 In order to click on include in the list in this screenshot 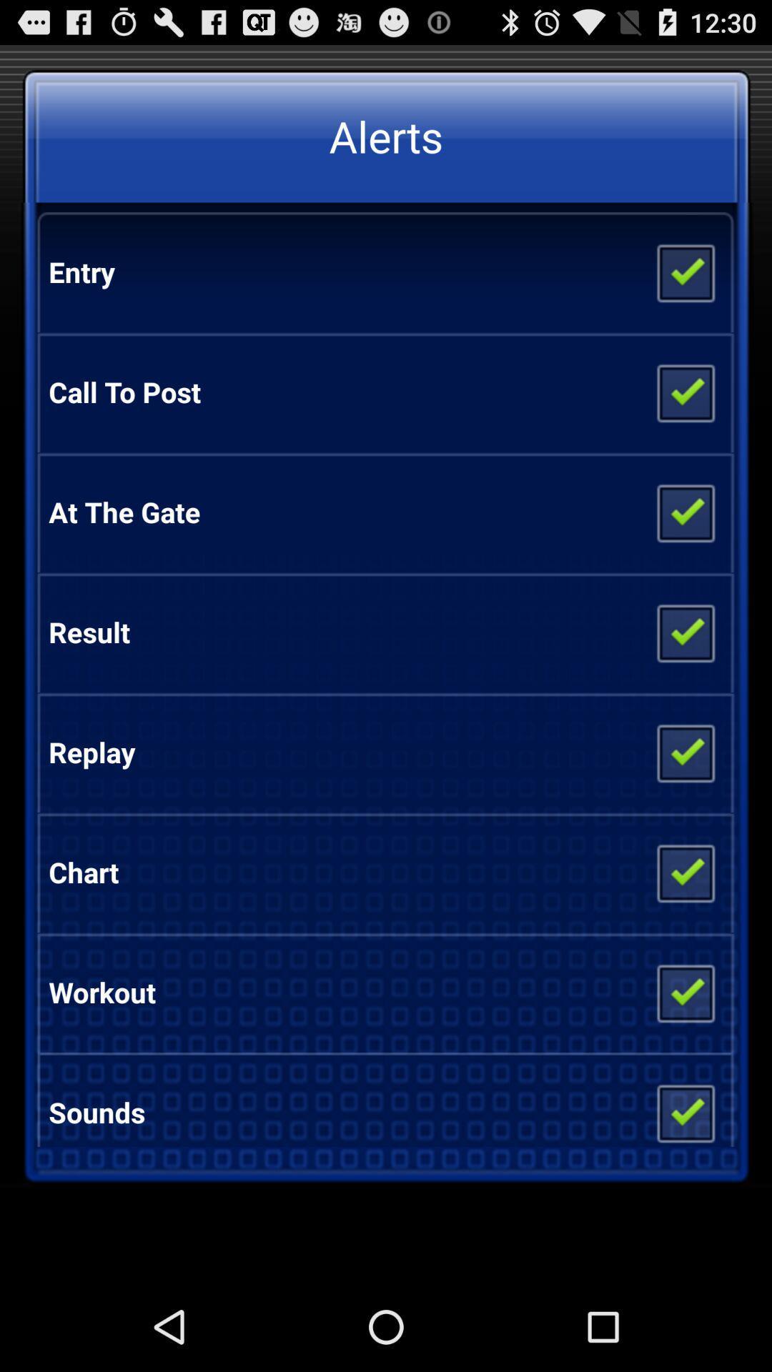, I will do `click(684, 512)`.